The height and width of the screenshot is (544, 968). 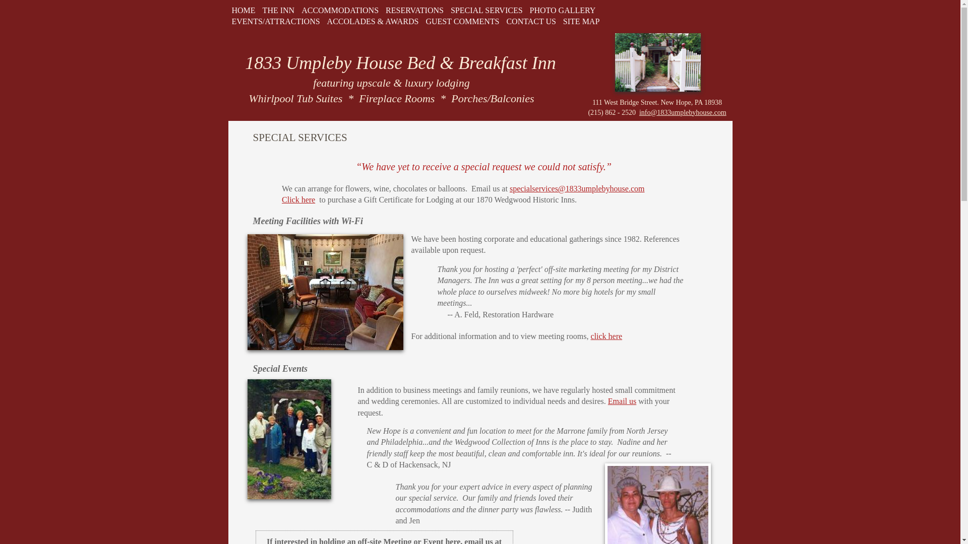 What do you see at coordinates (562, 10) in the screenshot?
I see `'PHOTO GALLERY'` at bounding box center [562, 10].